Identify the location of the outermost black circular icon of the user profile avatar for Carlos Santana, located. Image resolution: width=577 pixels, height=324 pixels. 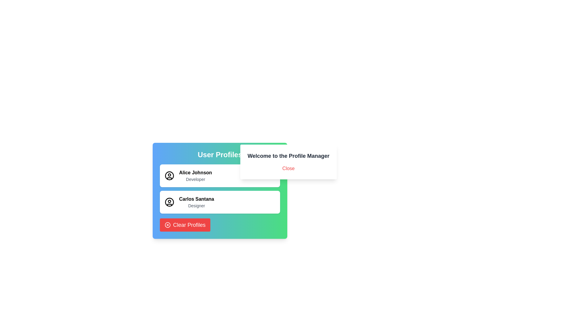
(169, 202).